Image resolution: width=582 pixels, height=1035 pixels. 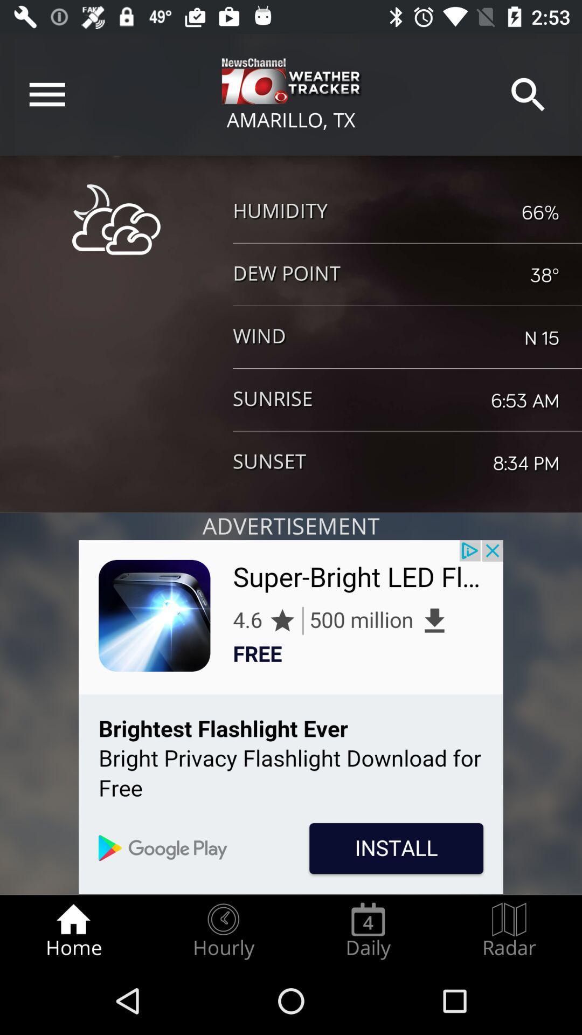 What do you see at coordinates (73, 930) in the screenshot?
I see `home radio button` at bounding box center [73, 930].